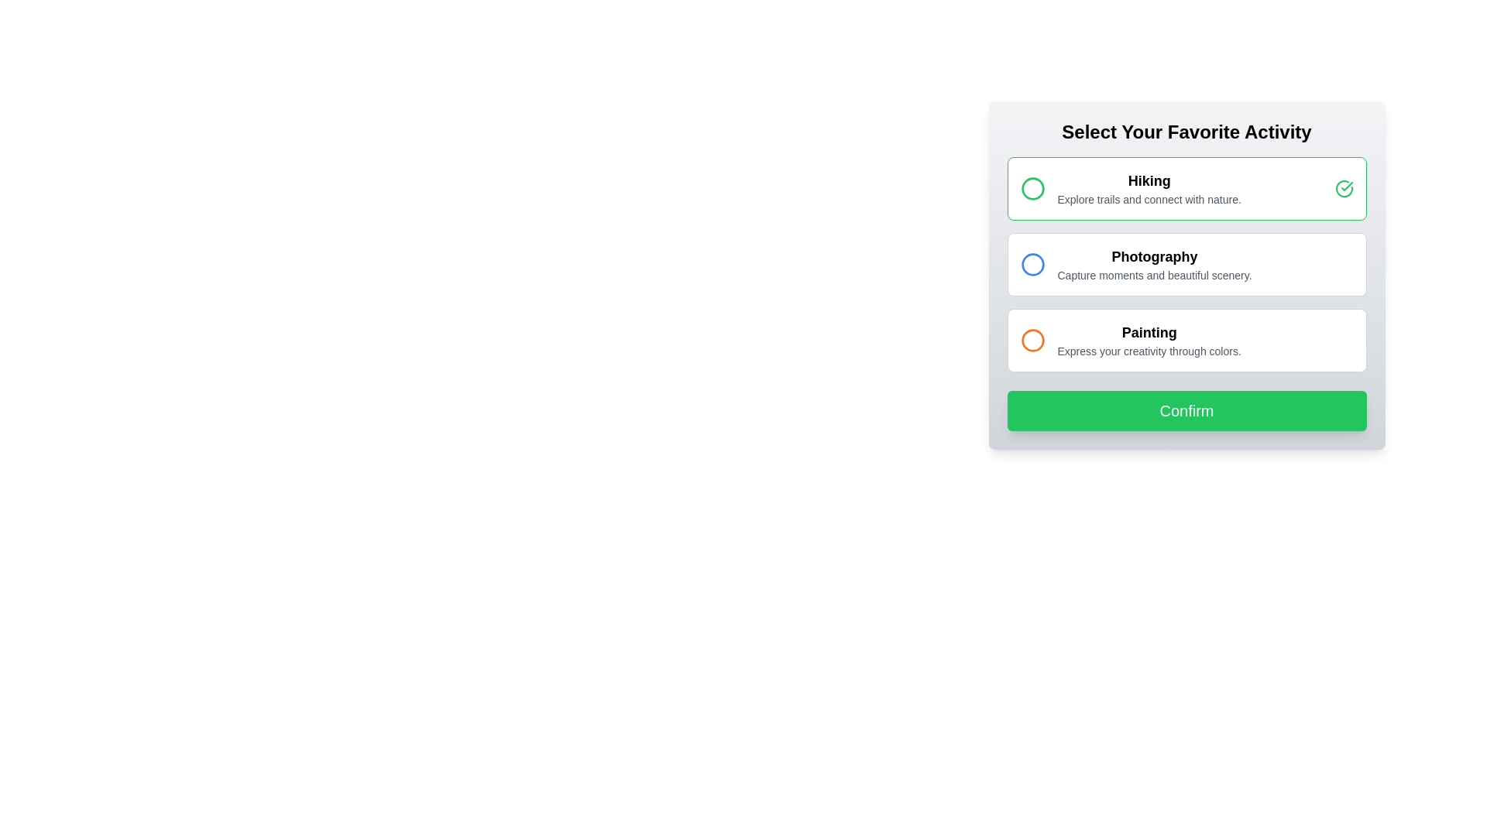  What do you see at coordinates (1343, 187) in the screenshot?
I see `the green-bordered circular checkmark icon indicating selection or confirmation located inside the 'Hiking' option box, aligned with the text below the title 'Hiking'` at bounding box center [1343, 187].